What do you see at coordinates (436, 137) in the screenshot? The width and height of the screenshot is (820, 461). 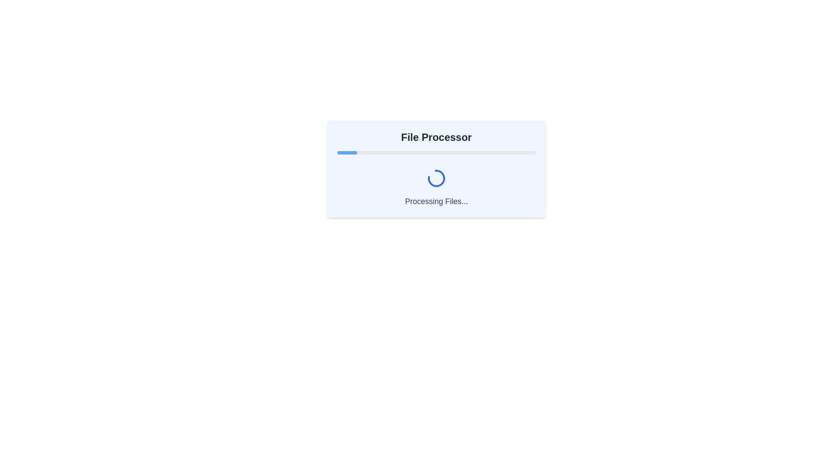 I see `the title text element located at the top section of the card that indicates the functionality related to file processing` at bounding box center [436, 137].